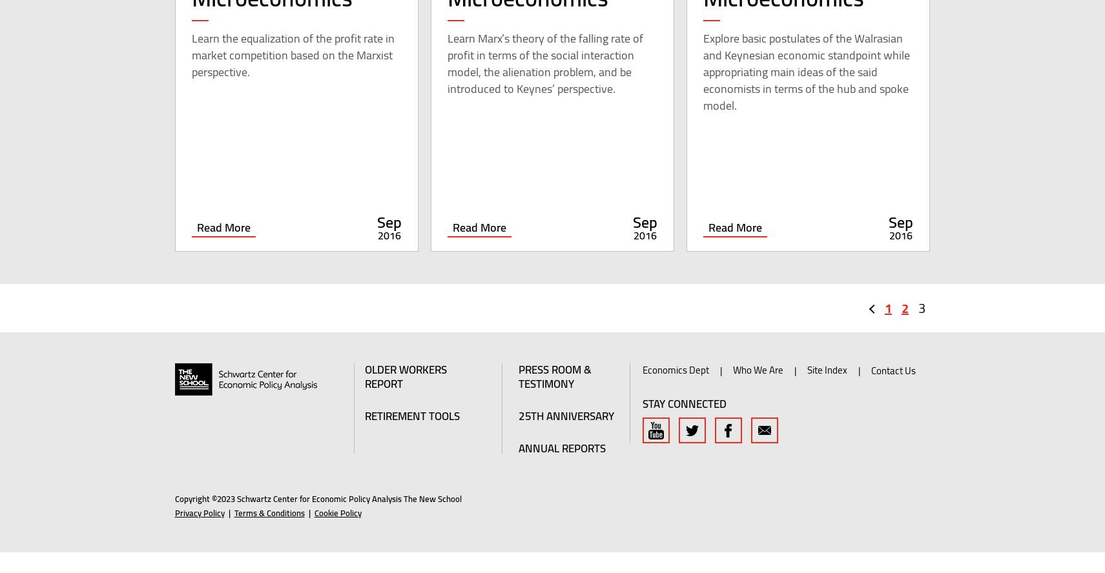 The height and width of the screenshot is (573, 1105). What do you see at coordinates (337, 533) in the screenshot?
I see `'Cookie Policy'` at bounding box center [337, 533].